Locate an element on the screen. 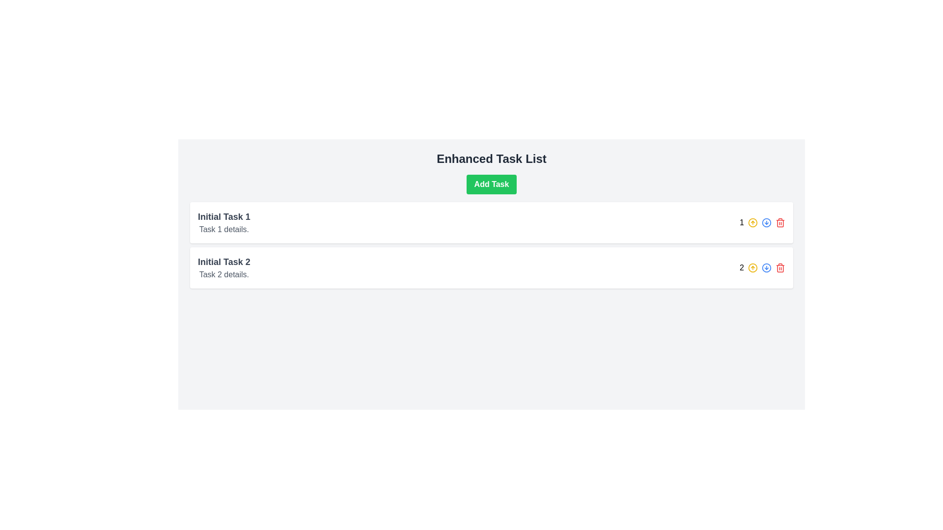  the upward action button associated with 'Initial Task 1' is located at coordinates (752, 223).